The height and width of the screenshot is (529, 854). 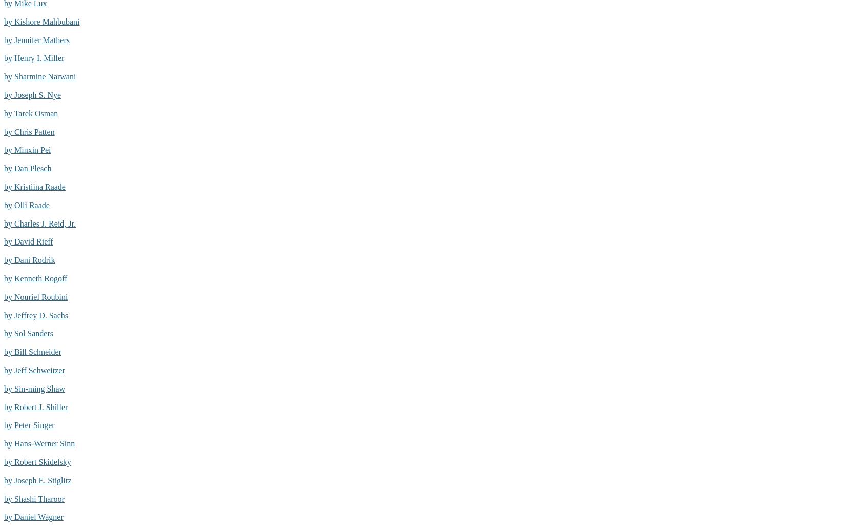 I want to click on 'by Robert J. Shiller', so click(x=35, y=406).